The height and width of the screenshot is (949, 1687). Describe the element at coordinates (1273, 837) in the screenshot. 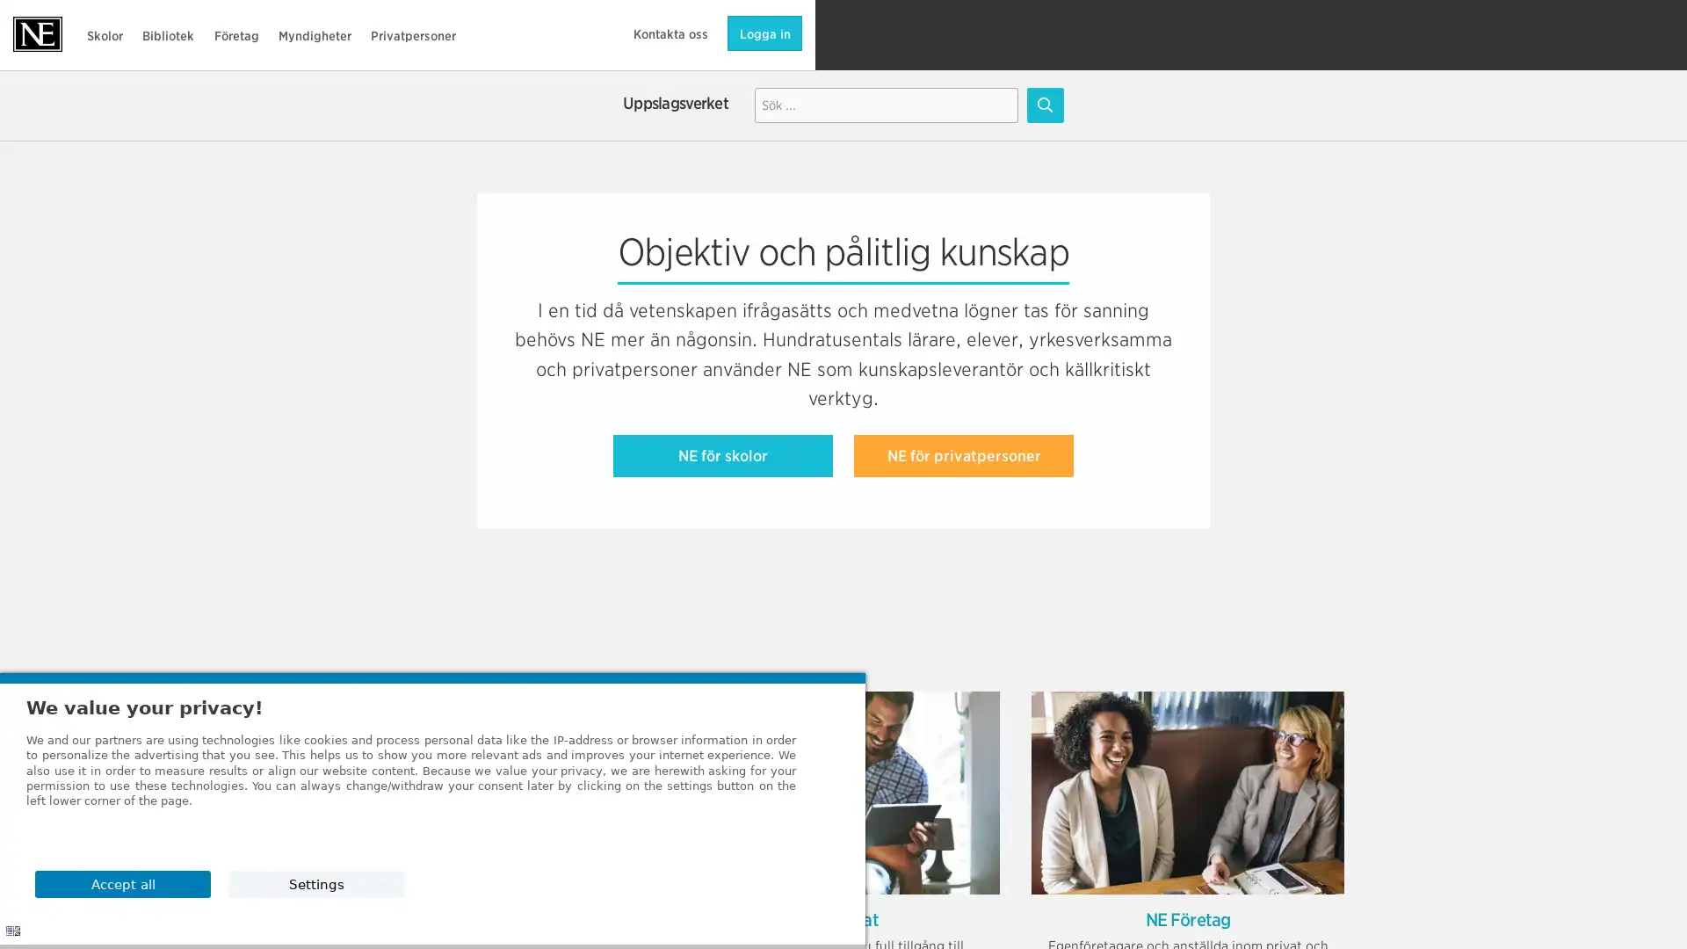

I see `Accept all` at that location.